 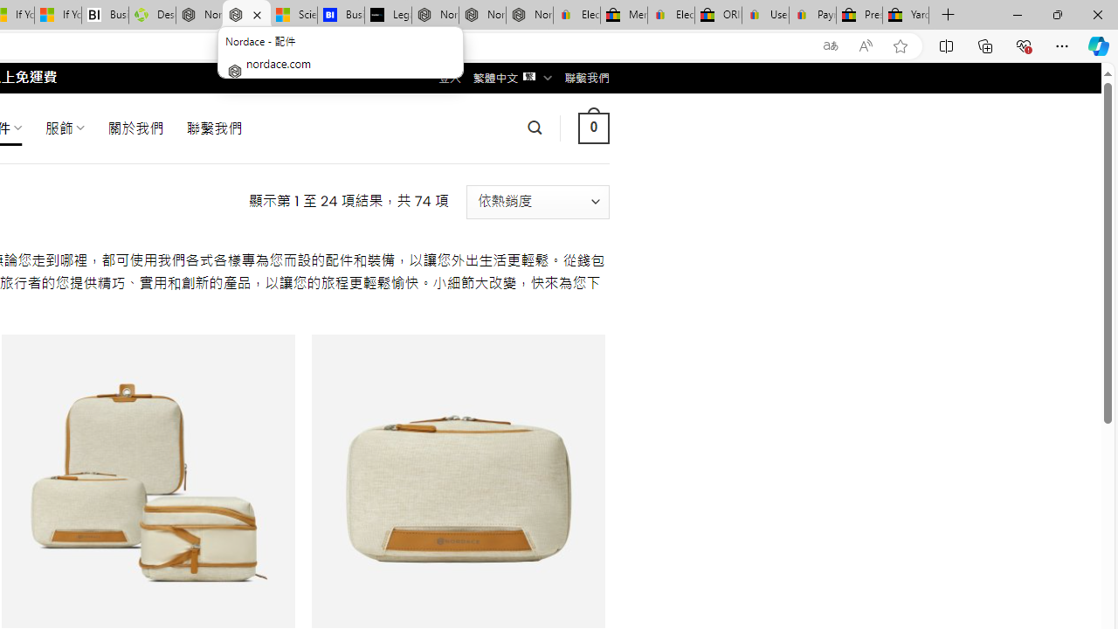 I want to click on 'Descarga Driver Updater', so click(x=152, y=15).